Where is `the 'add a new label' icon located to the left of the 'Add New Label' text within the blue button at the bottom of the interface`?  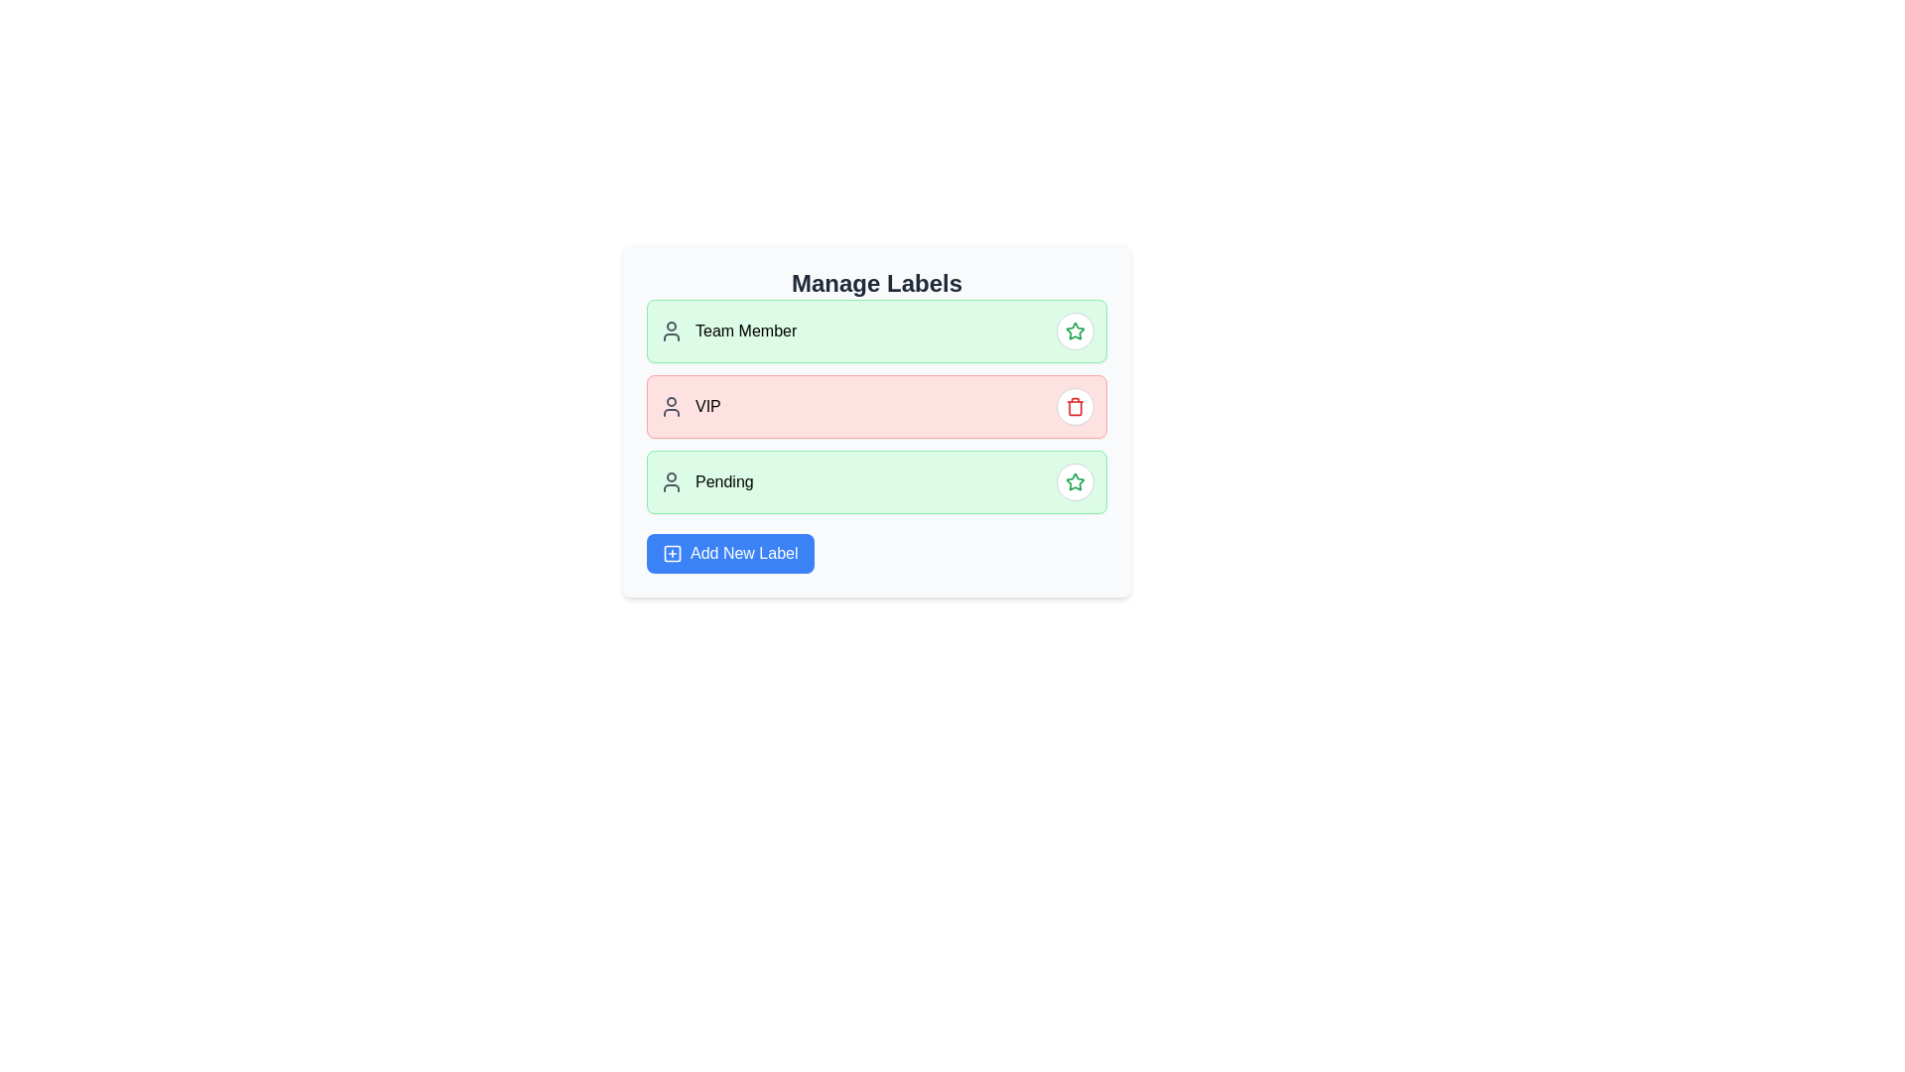 the 'add a new label' icon located to the left of the 'Add New Label' text within the blue button at the bottom of the interface is located at coordinates (672, 554).